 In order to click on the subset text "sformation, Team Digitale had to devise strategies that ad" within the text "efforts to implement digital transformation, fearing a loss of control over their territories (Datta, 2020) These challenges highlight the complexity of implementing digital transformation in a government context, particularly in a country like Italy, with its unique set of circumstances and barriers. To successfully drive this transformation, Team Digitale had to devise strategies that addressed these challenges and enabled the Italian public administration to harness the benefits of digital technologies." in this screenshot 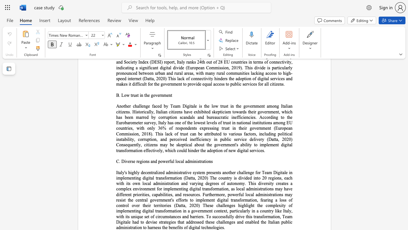, I will do `click(260, 216)`.